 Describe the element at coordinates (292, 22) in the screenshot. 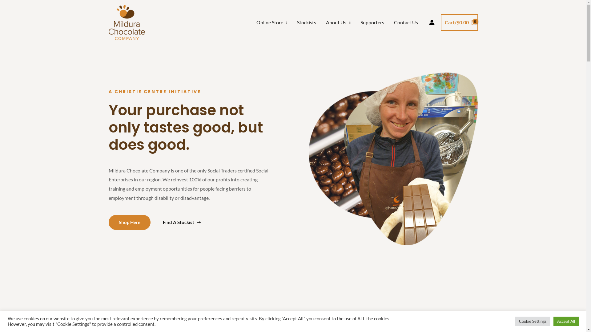

I see `'Stockists'` at that location.